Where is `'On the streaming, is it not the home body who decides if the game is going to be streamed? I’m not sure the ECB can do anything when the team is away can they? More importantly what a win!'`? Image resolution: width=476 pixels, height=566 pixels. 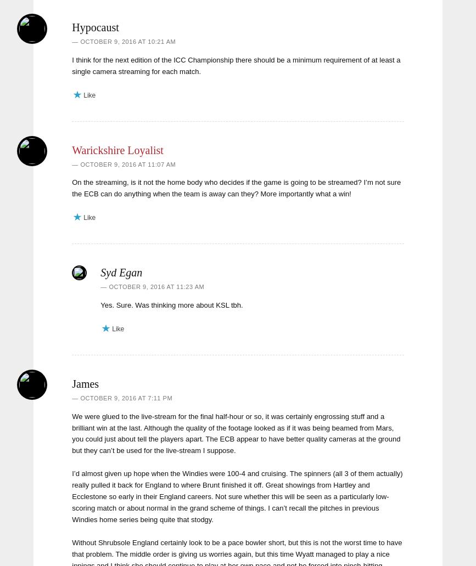 'On the streaming, is it not the home body who decides if the game is going to be streamed? I’m not sure the ECB can do anything when the team is away can they? More importantly what a win!' is located at coordinates (236, 188).